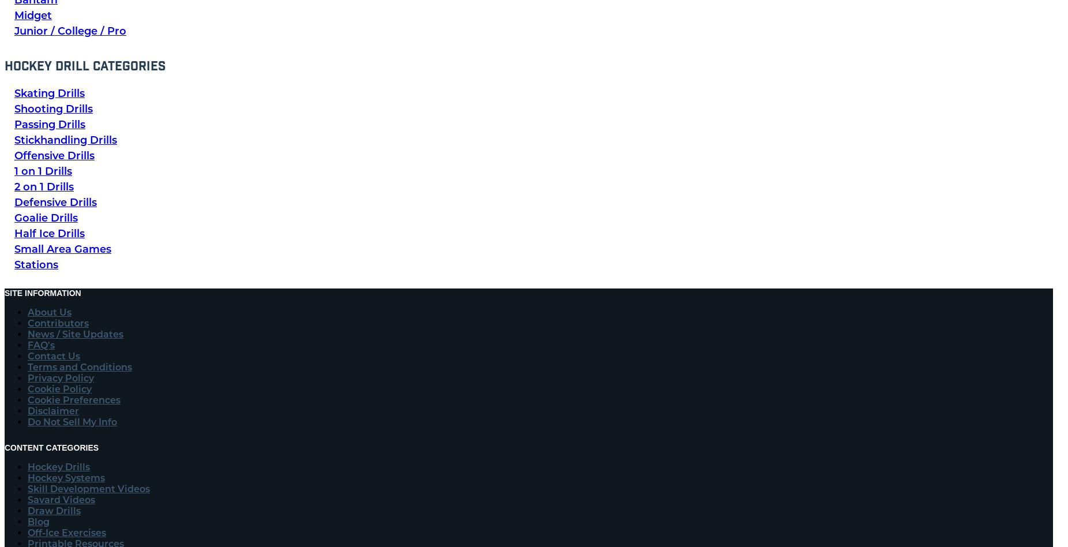  Describe the element at coordinates (27, 410) in the screenshot. I see `'Disclaimer'` at that location.